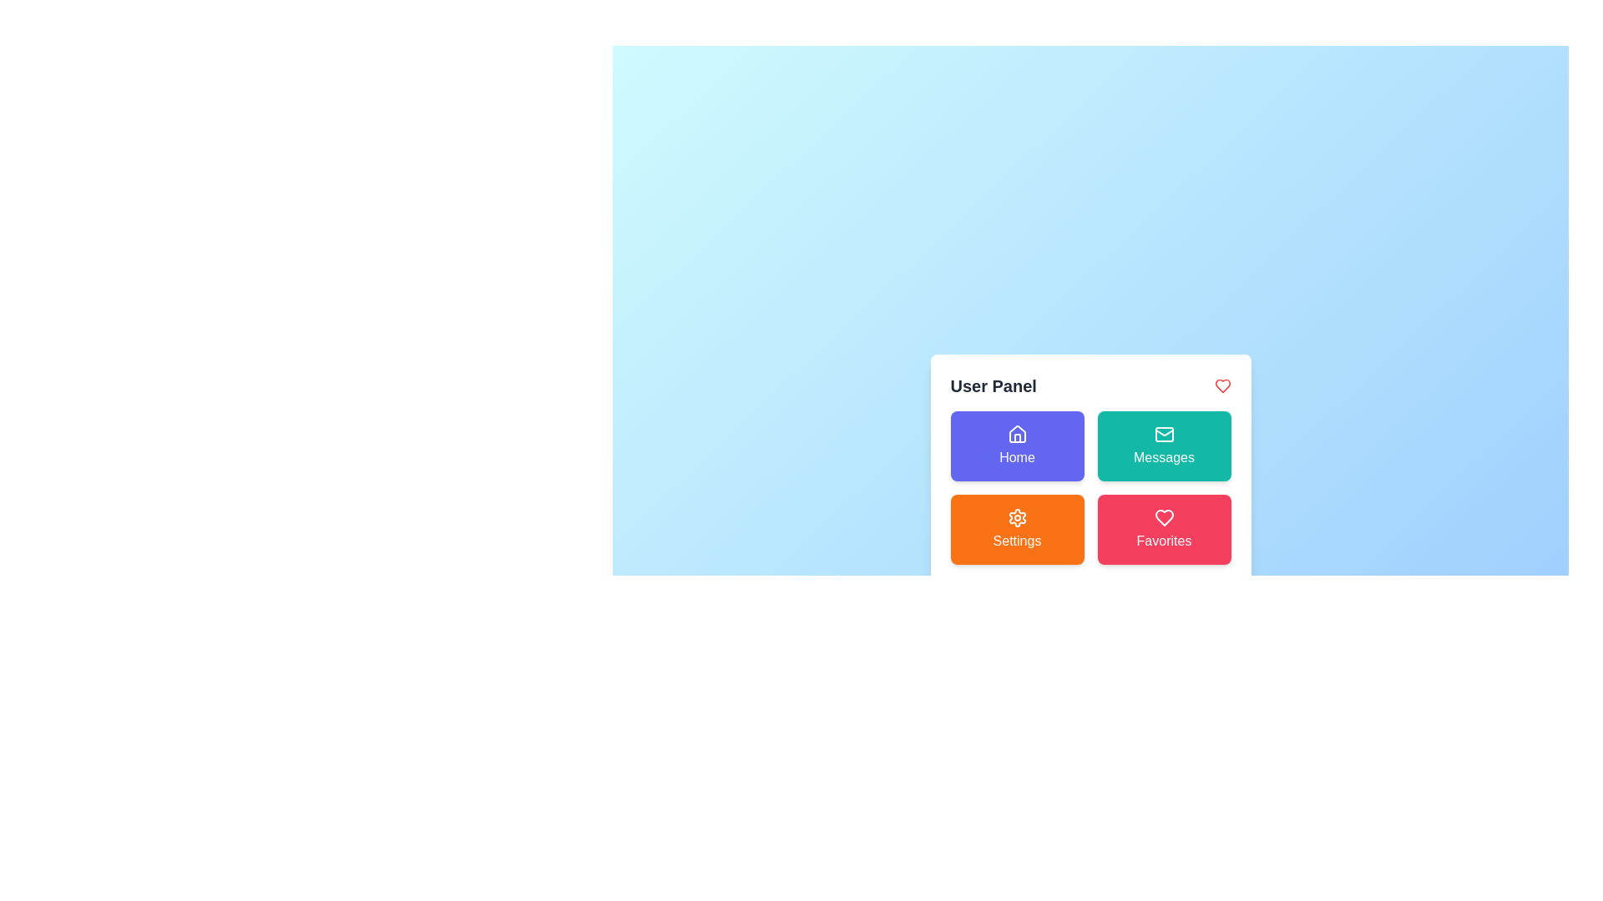 The width and height of the screenshot is (1603, 901). Describe the element at coordinates (1016, 433) in the screenshot. I see `the house-shaped icon within the 'Home' button located in the User Panel card, which is styled with thin, clean strokes for a modern look` at that location.